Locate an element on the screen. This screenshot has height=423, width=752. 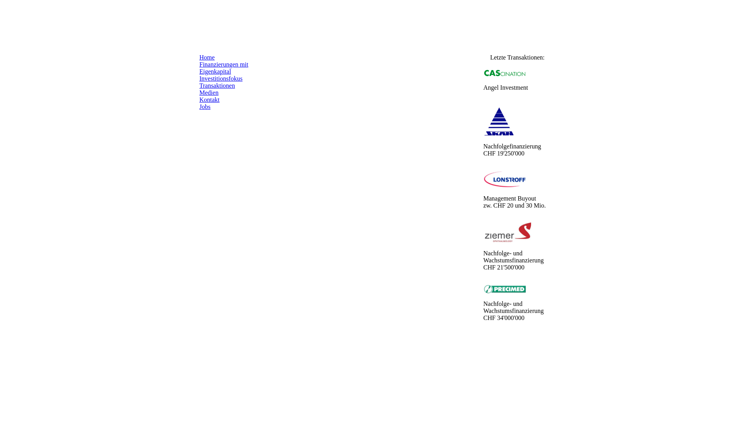
'Lonstroff Holding AG, Buchs' is located at coordinates (505, 179).